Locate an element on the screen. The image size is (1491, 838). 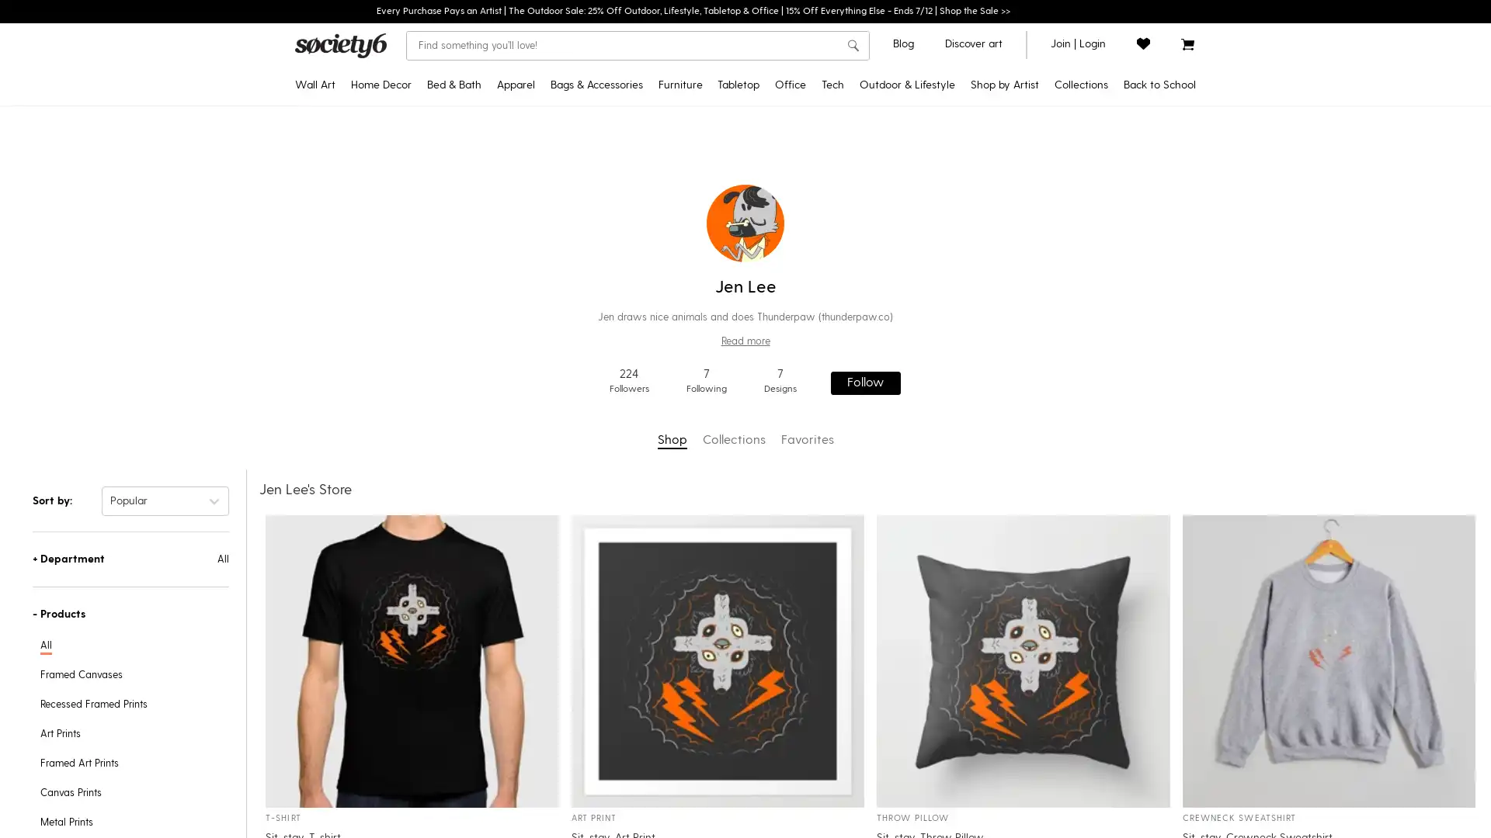
All Collections is located at coordinates (1024, 424).